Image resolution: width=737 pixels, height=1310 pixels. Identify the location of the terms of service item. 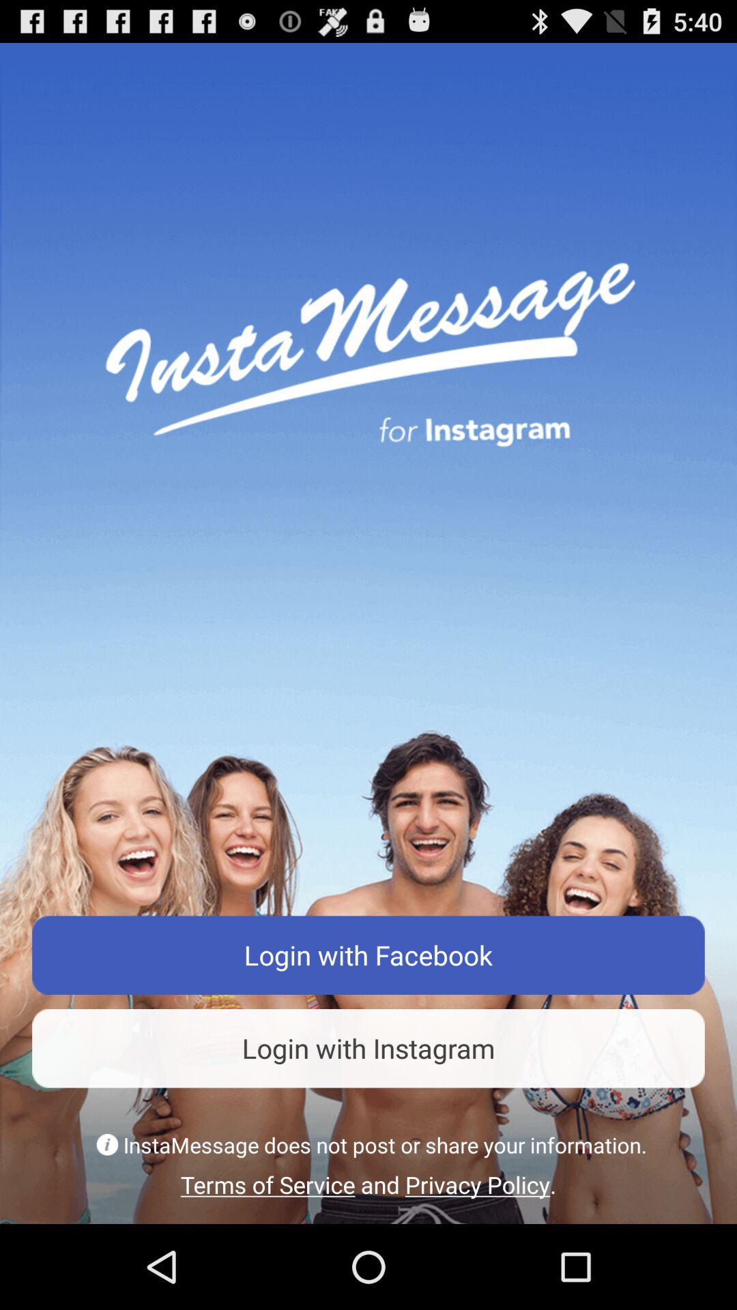
(369, 1184).